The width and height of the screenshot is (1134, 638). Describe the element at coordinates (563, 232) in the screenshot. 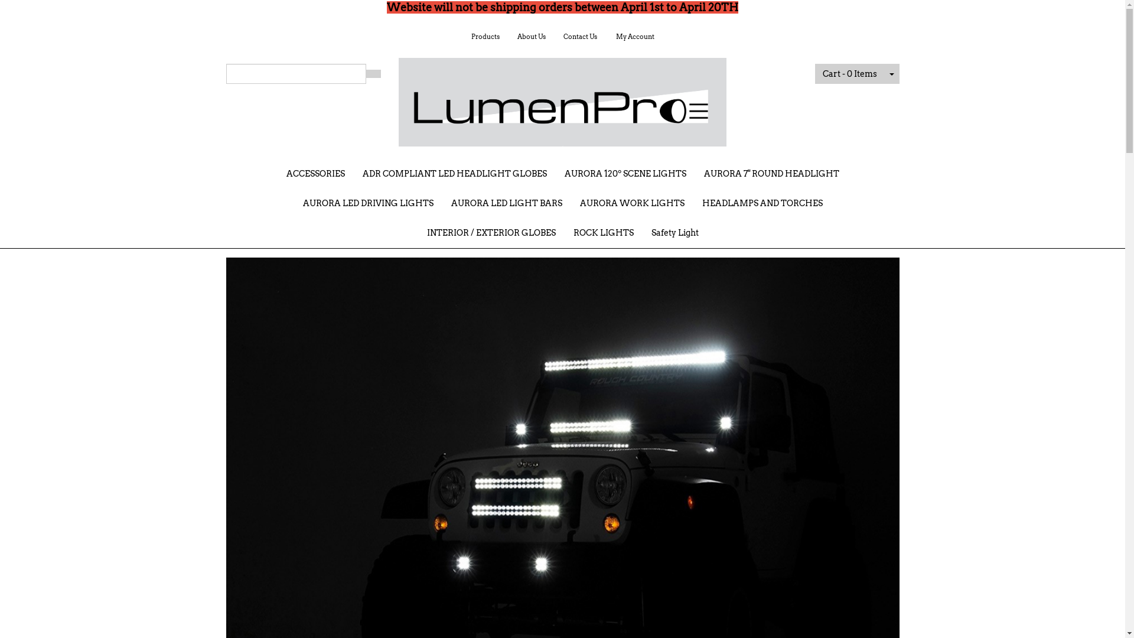

I see `'ROCK LIGHTS'` at that location.